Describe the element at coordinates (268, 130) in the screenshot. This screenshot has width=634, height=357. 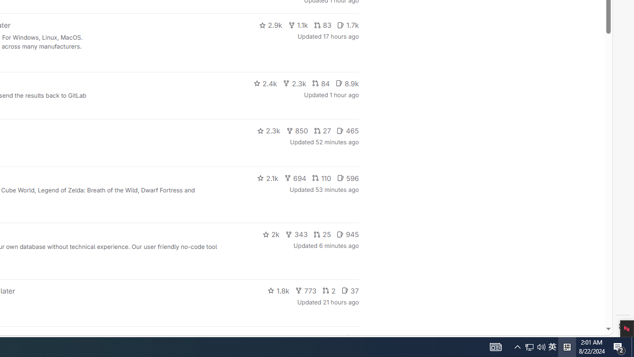
I see `'2.3k'` at that location.